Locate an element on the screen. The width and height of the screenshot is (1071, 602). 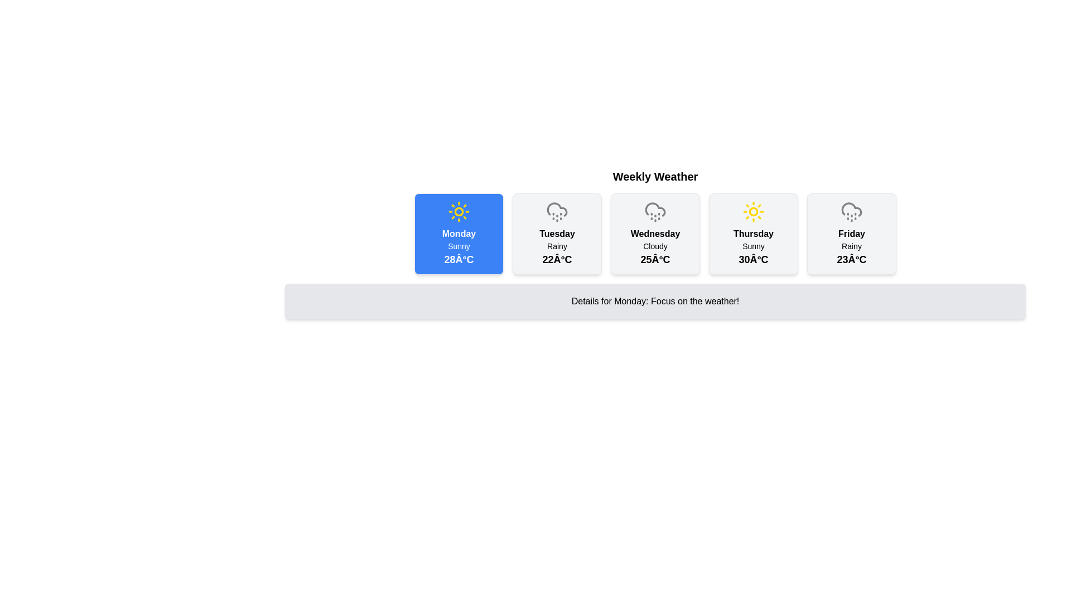
the text component displaying '30Â°C' located at the bottom of the fourth weather card for Thursday is located at coordinates (753, 260).